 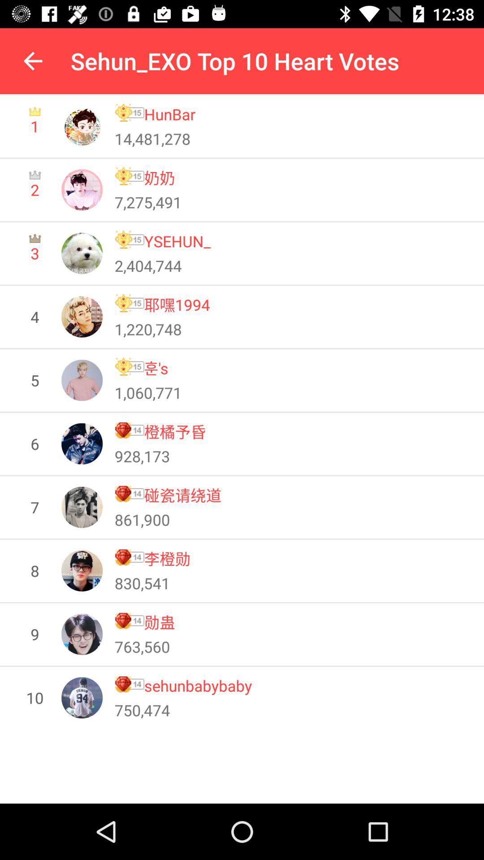 What do you see at coordinates (198, 685) in the screenshot?
I see `the sehunbabybaby item` at bounding box center [198, 685].